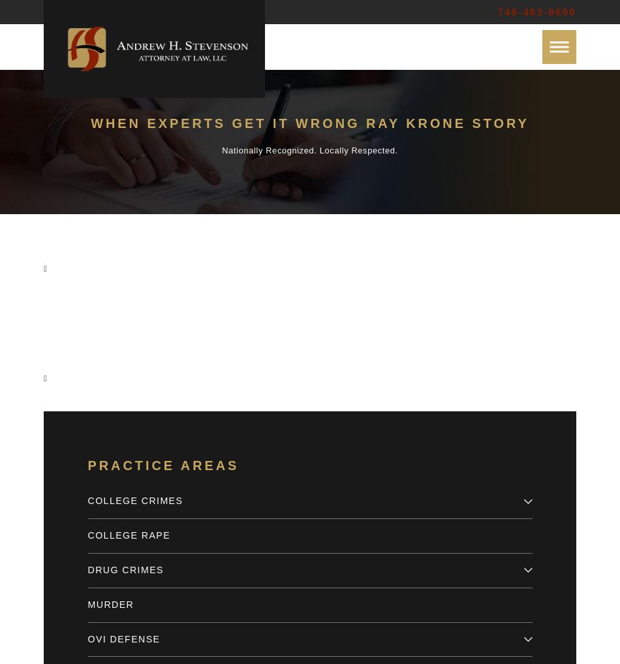 Image resolution: width=620 pixels, height=664 pixels. I want to click on 'Case Results', so click(52, 82).